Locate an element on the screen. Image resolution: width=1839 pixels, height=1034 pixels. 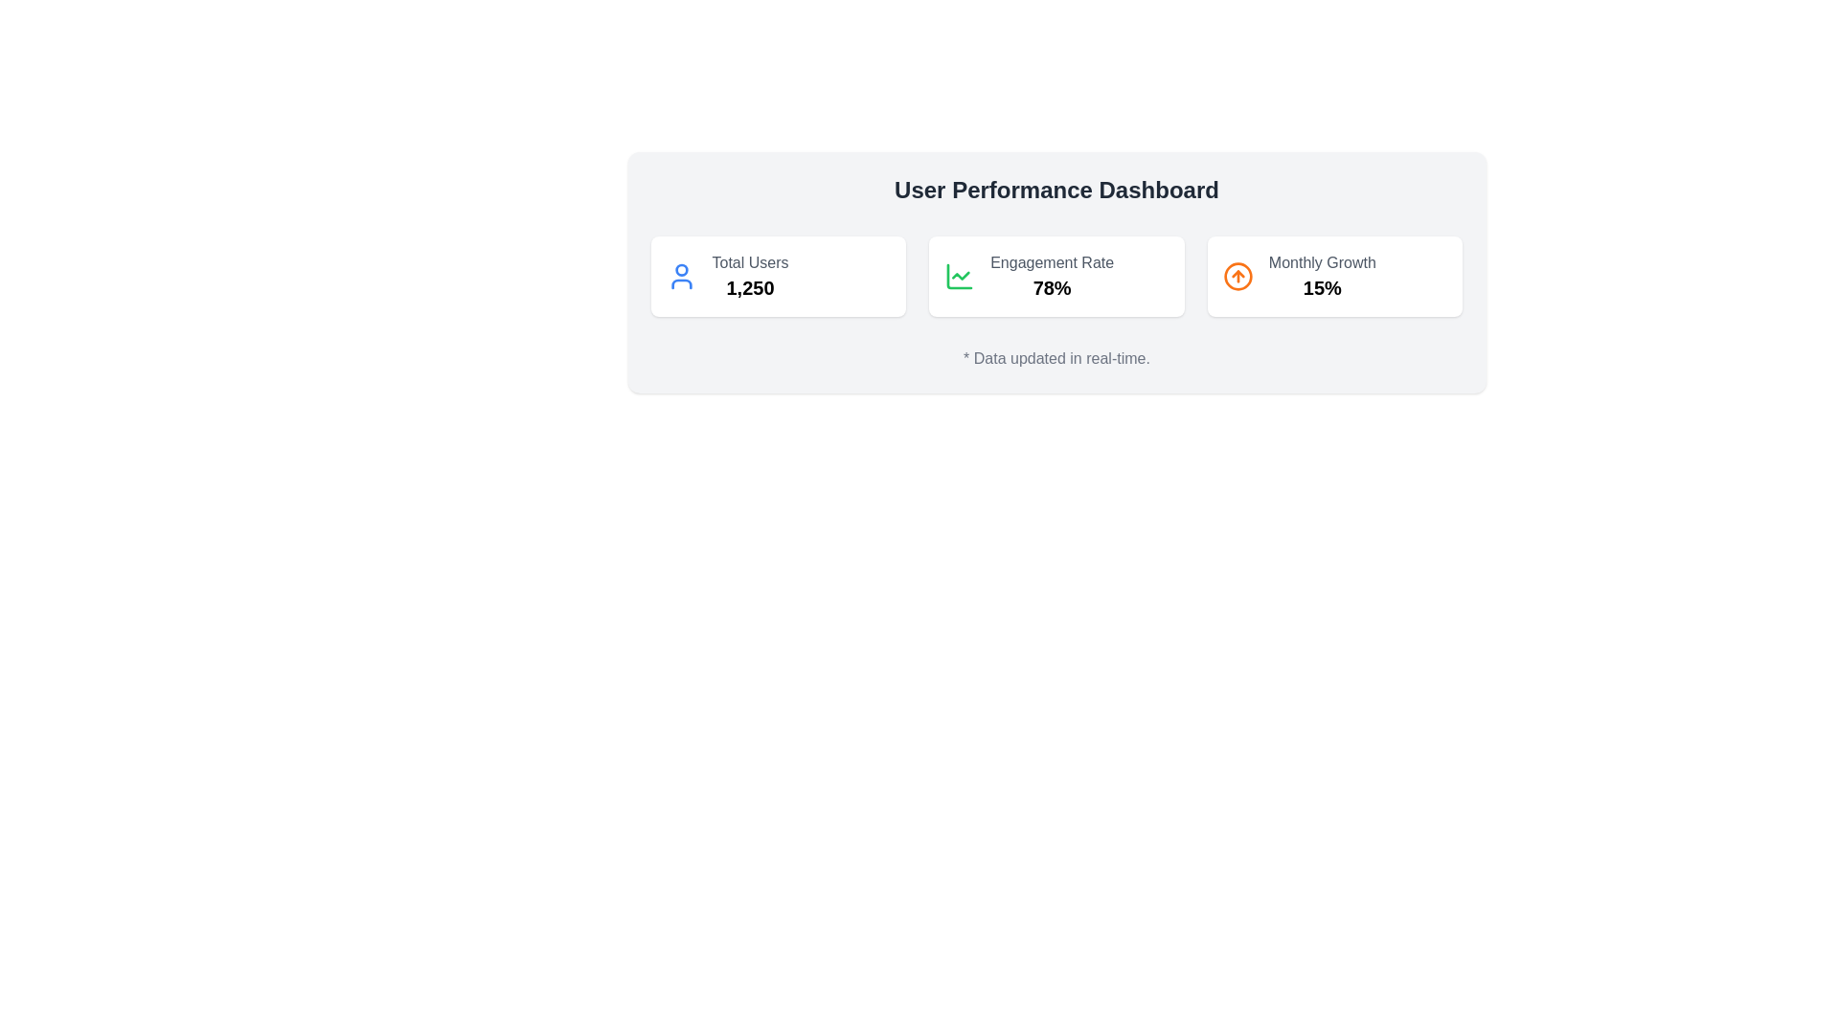
the informative text label located at the bottom of the 'User Performance Dashboard', which provides context to the displayed data is located at coordinates (1056, 358).